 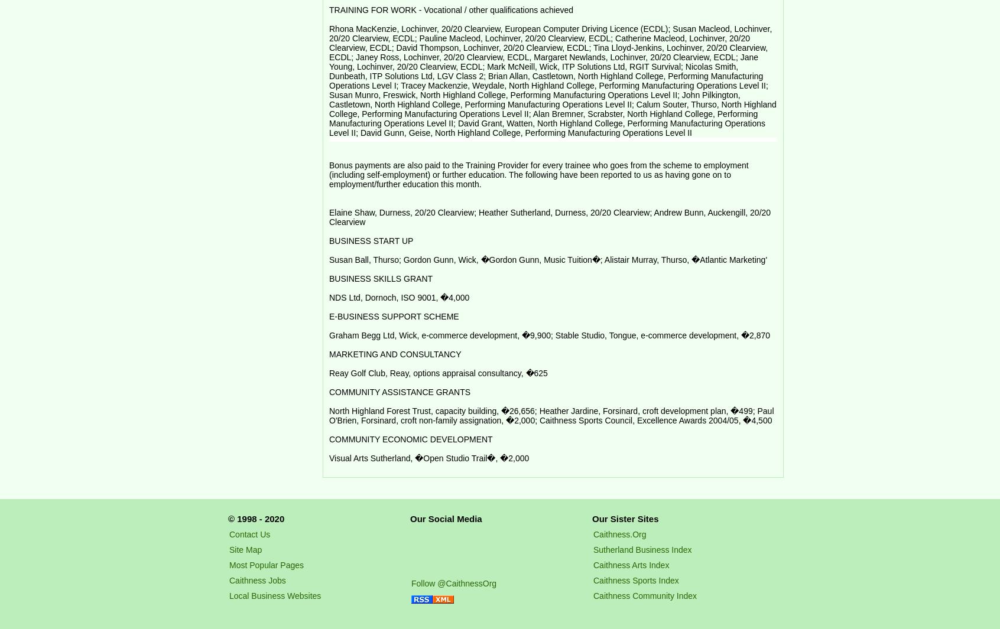 What do you see at coordinates (445, 518) in the screenshot?
I see `'Our Social Media'` at bounding box center [445, 518].